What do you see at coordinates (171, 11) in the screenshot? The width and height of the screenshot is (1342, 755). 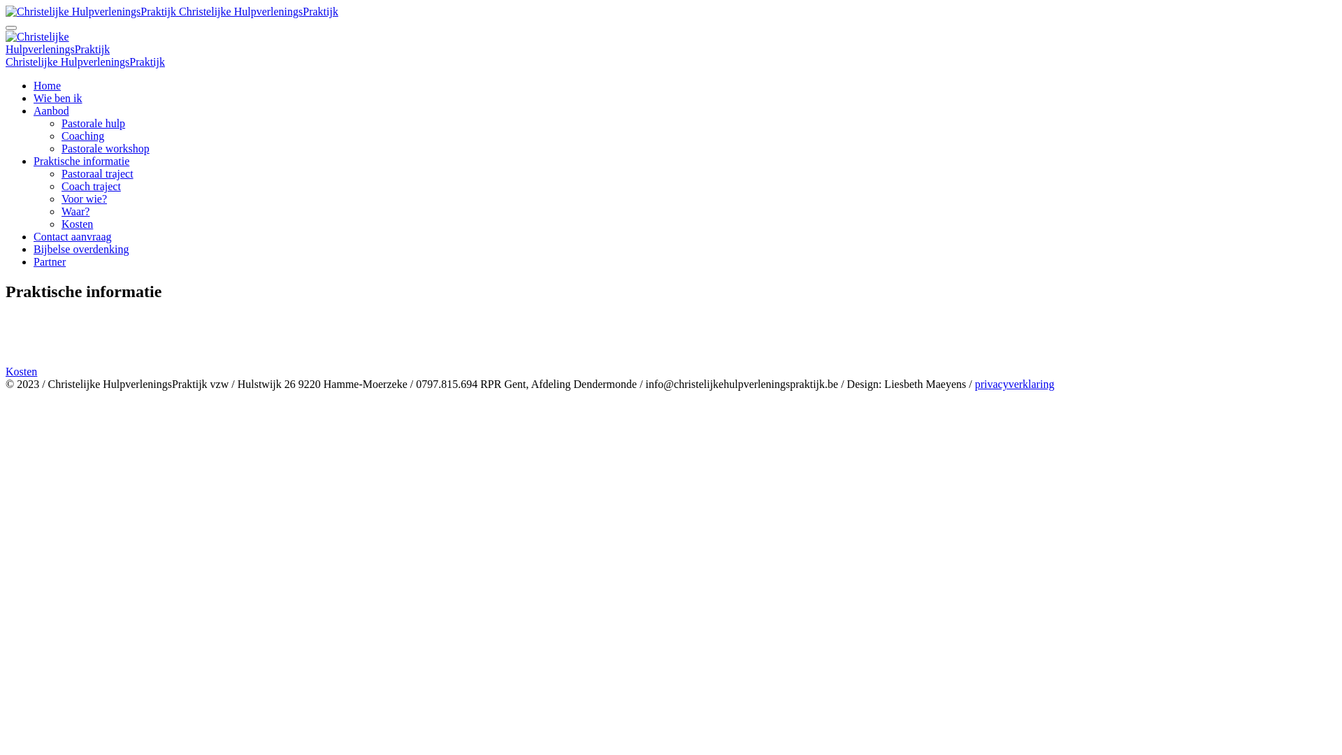 I see `'Christelijke HulpverleningsPraktijk'` at bounding box center [171, 11].